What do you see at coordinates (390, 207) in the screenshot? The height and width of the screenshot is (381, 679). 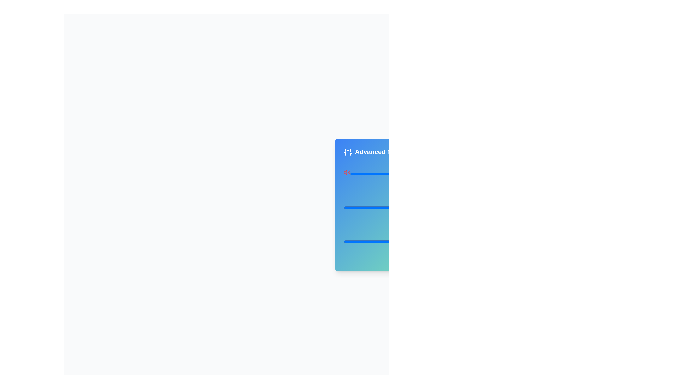 I see `the slider value` at bounding box center [390, 207].